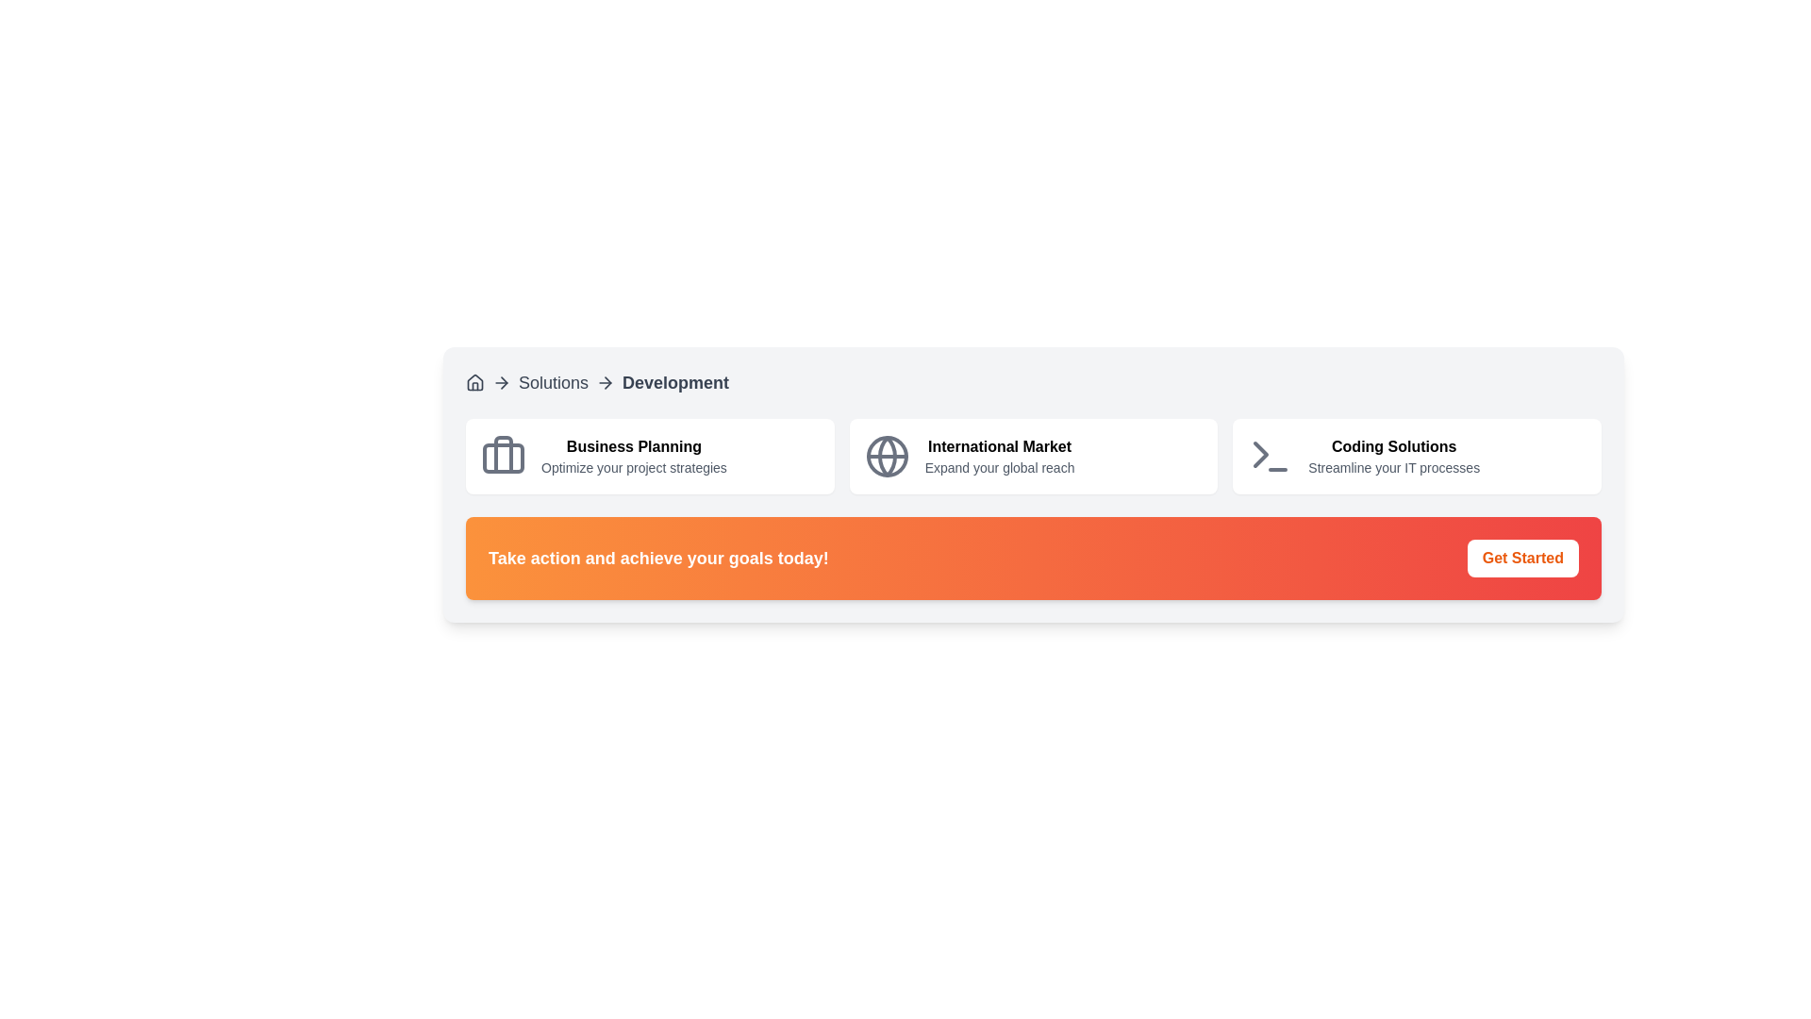 This screenshot has height=1019, width=1811. What do you see at coordinates (607, 382) in the screenshot?
I see `right arrow icon located in the navigation breadcrumb between the 'Solutions' and 'Development' labels, positioned near the top left of the interface` at bounding box center [607, 382].